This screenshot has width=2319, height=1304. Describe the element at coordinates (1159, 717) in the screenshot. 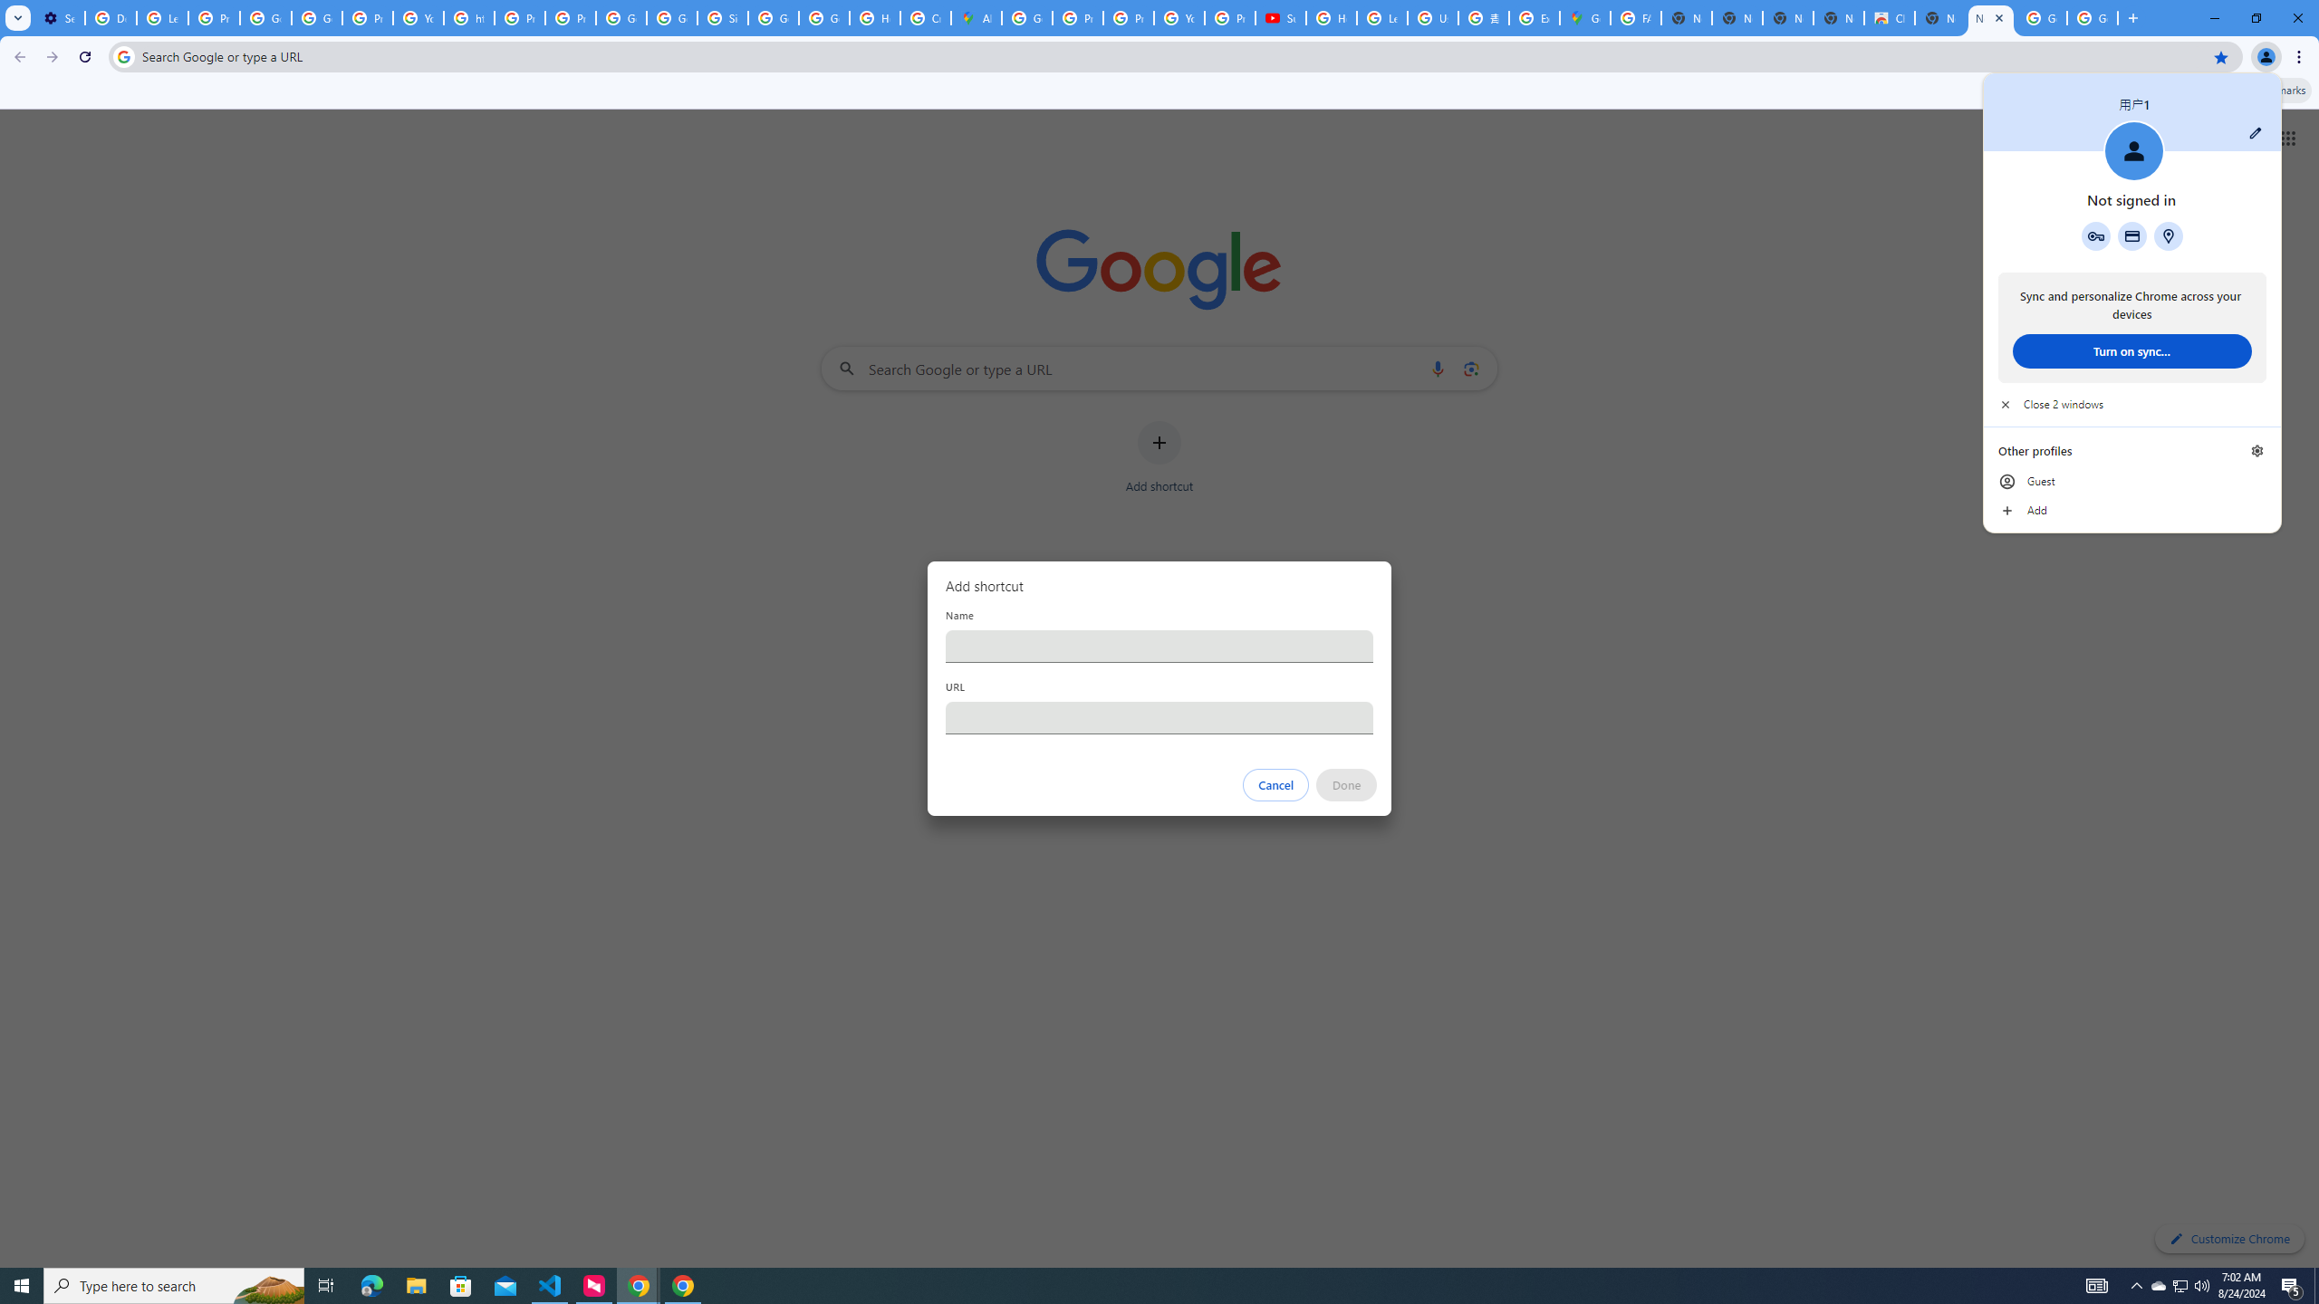

I see `'URL'` at that location.